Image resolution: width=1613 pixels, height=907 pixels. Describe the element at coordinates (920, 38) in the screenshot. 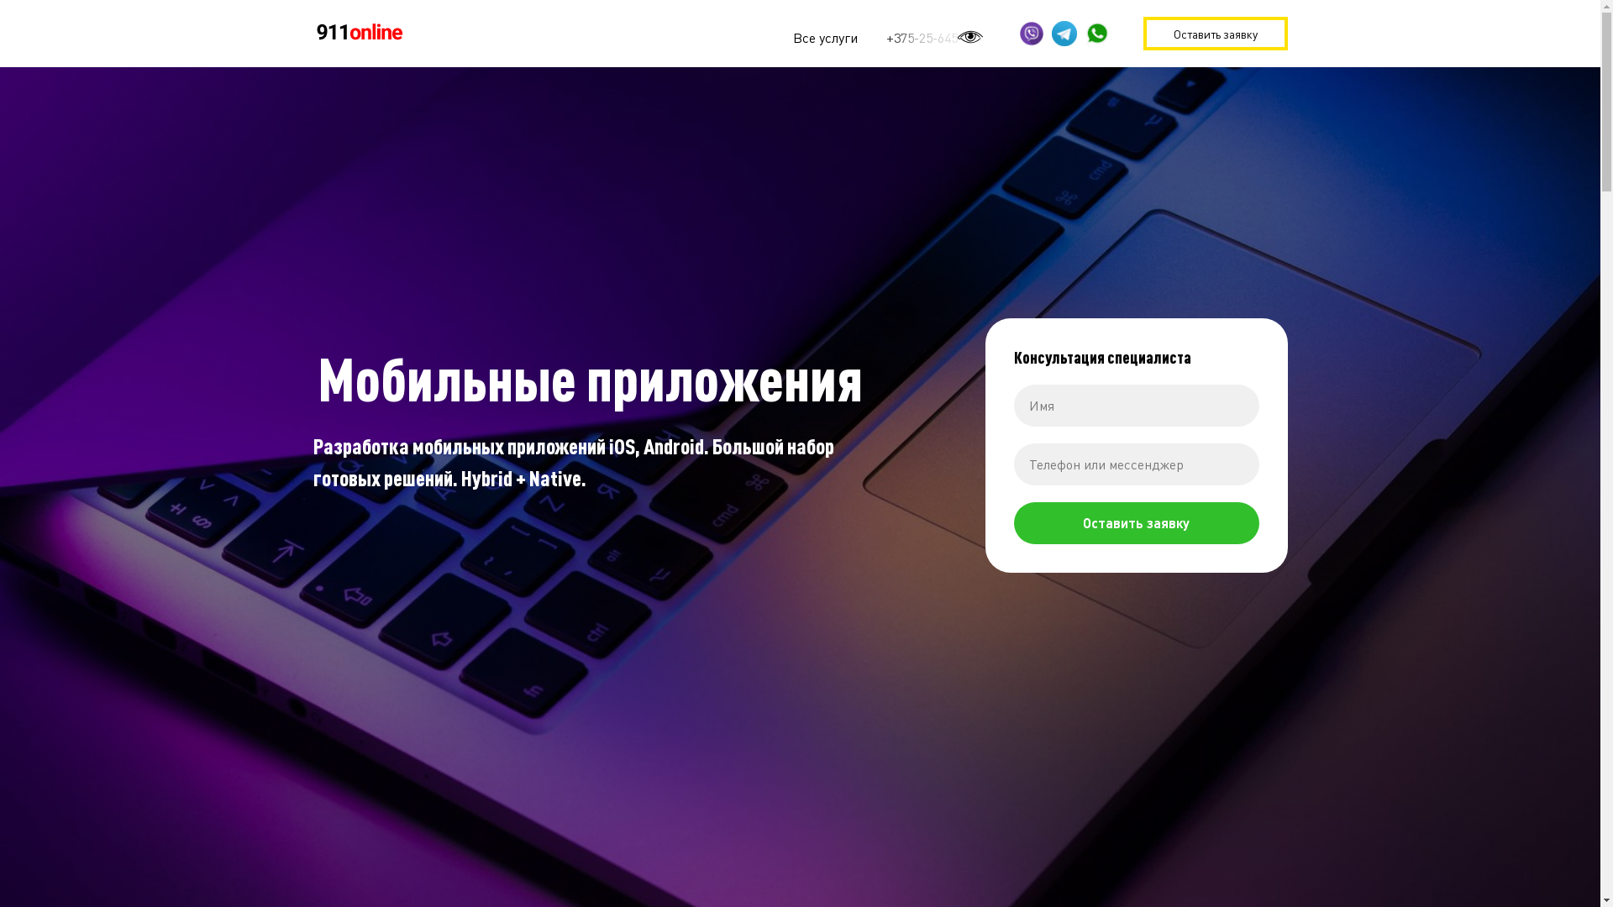

I see `'+375-25-645'` at that location.